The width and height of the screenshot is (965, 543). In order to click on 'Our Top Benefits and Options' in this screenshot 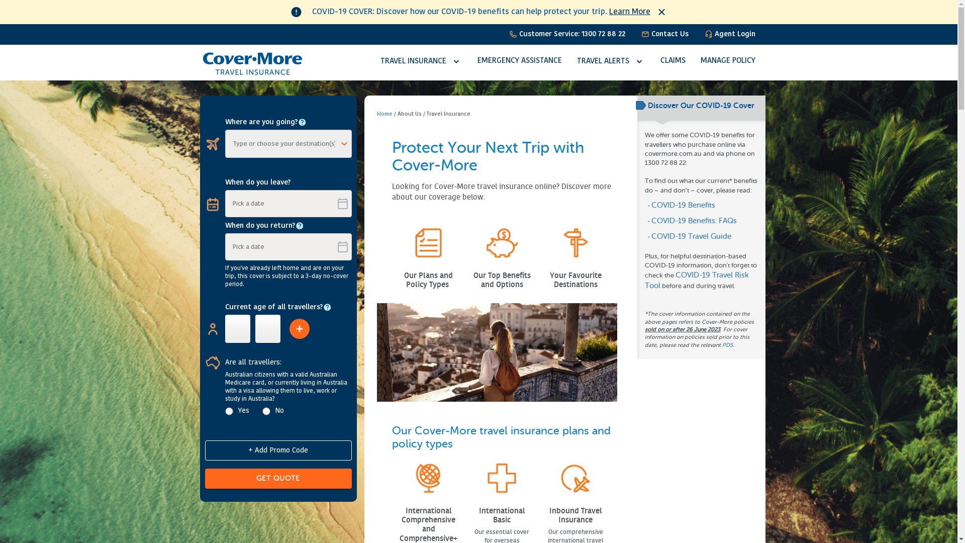, I will do `click(502, 280)`.